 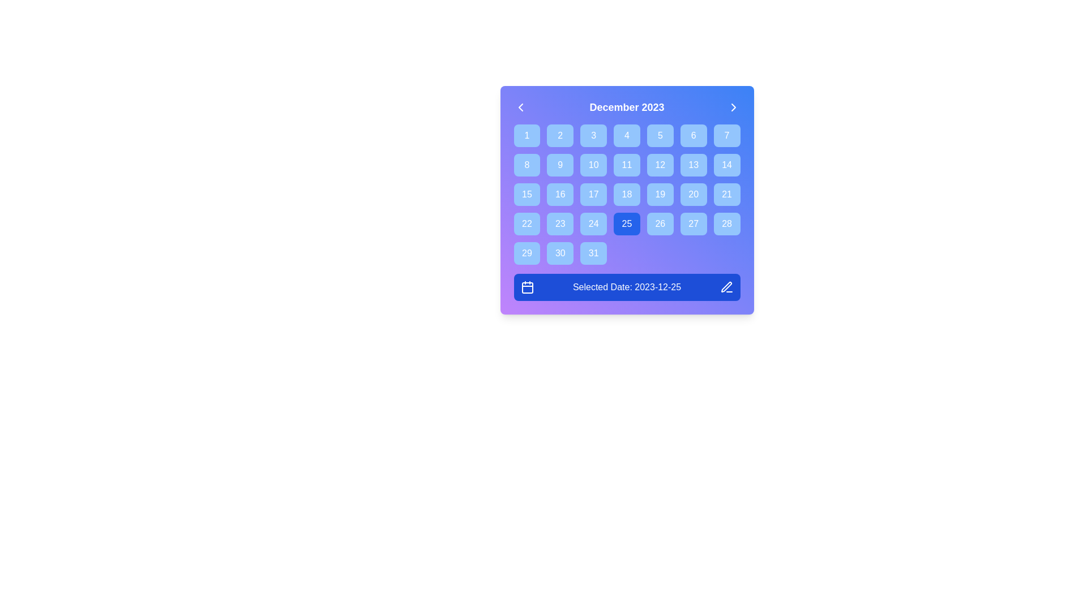 I want to click on the grid cell representing the 10th day of December 2023 in the calendar view, located in the second row and third column, so click(x=593, y=165).